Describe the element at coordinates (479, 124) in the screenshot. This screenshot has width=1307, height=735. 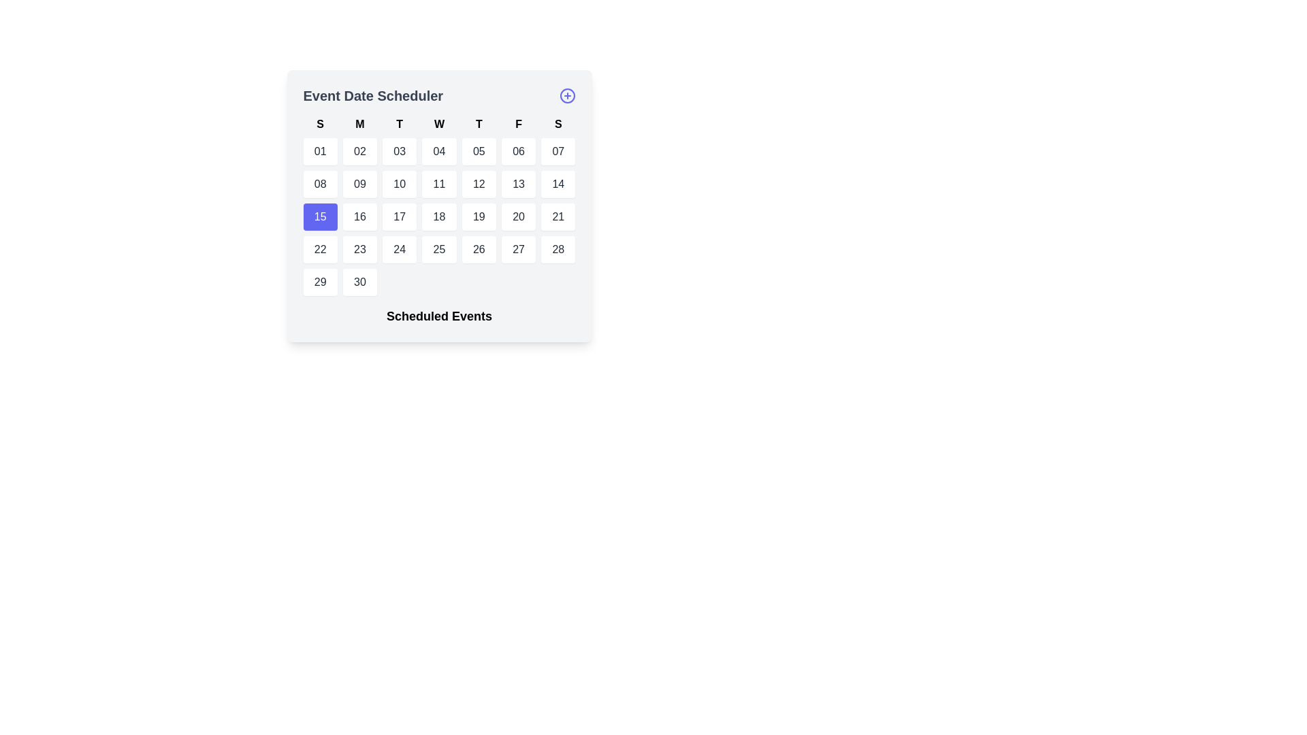
I see `the 'Thursday' label in the calendar header of the 'Event Date Scheduler' interface` at that location.